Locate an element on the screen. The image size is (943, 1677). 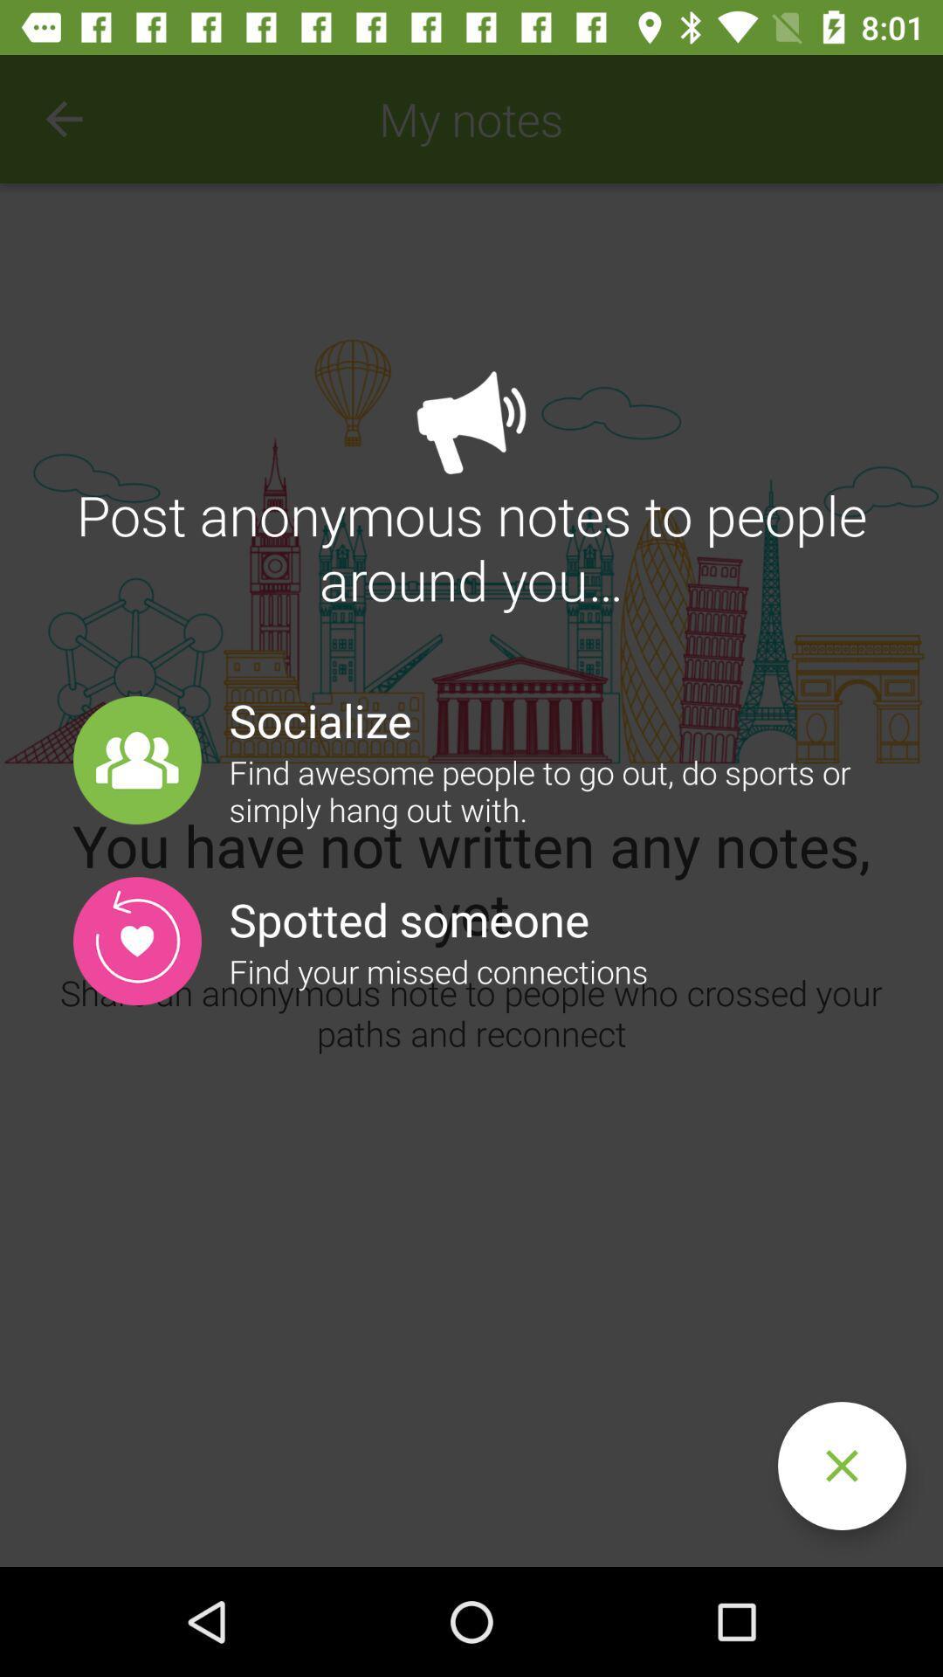
overlay is located at coordinates (841, 1466).